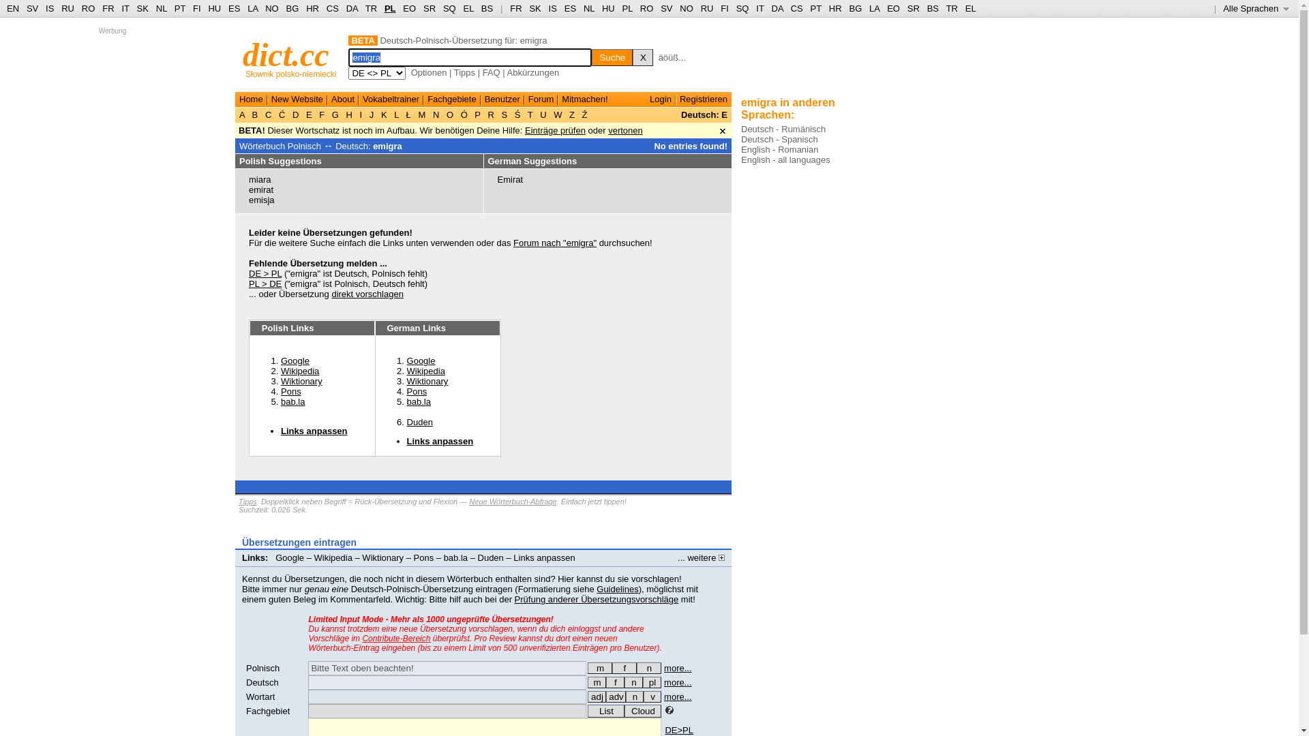  What do you see at coordinates (625, 130) in the screenshot?
I see `'vertonen'` at bounding box center [625, 130].